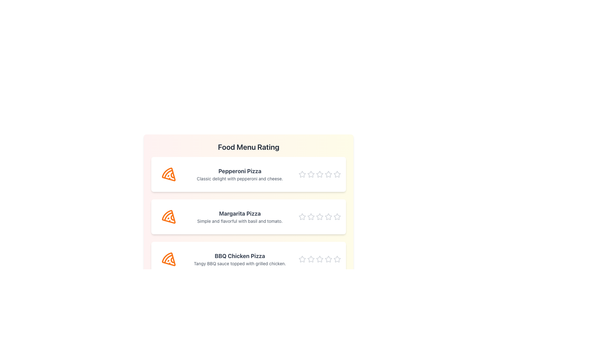  Describe the element at coordinates (320, 259) in the screenshot. I see `the third star in the rating bar to assign a rating for the 'BBQ Chicken Pizza' menu item` at that location.